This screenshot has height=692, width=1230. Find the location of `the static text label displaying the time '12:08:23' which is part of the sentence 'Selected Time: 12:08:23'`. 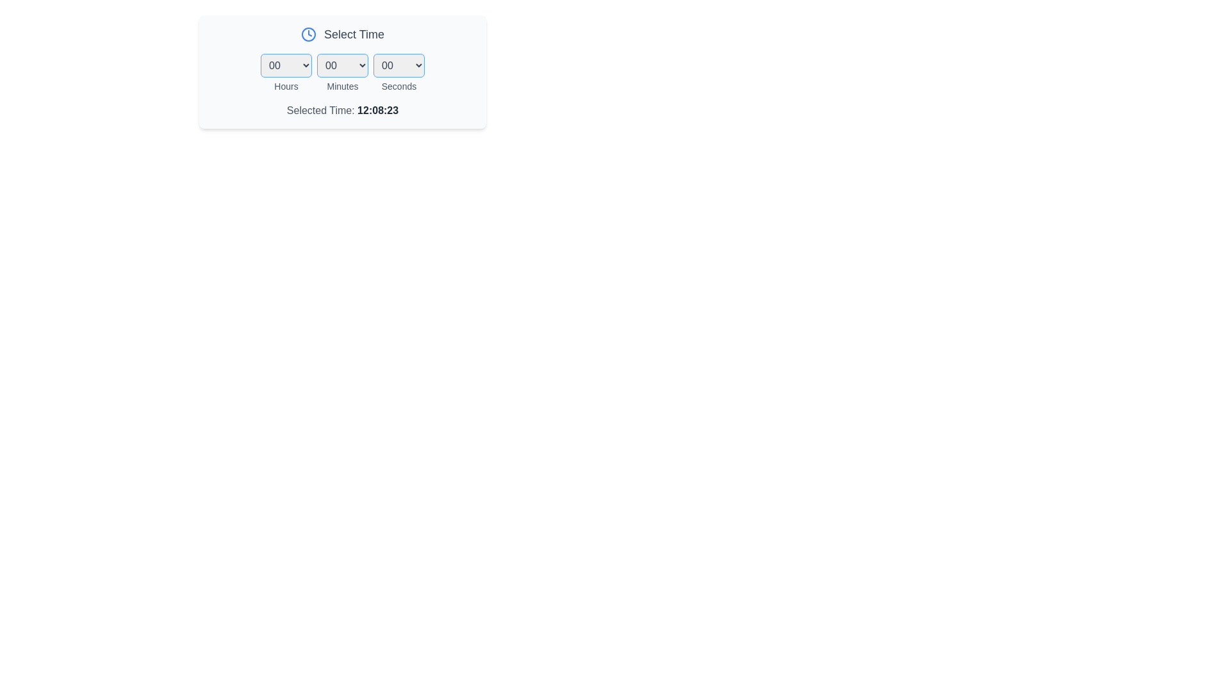

the static text label displaying the time '12:08:23' which is part of the sentence 'Selected Time: 12:08:23' is located at coordinates (377, 110).